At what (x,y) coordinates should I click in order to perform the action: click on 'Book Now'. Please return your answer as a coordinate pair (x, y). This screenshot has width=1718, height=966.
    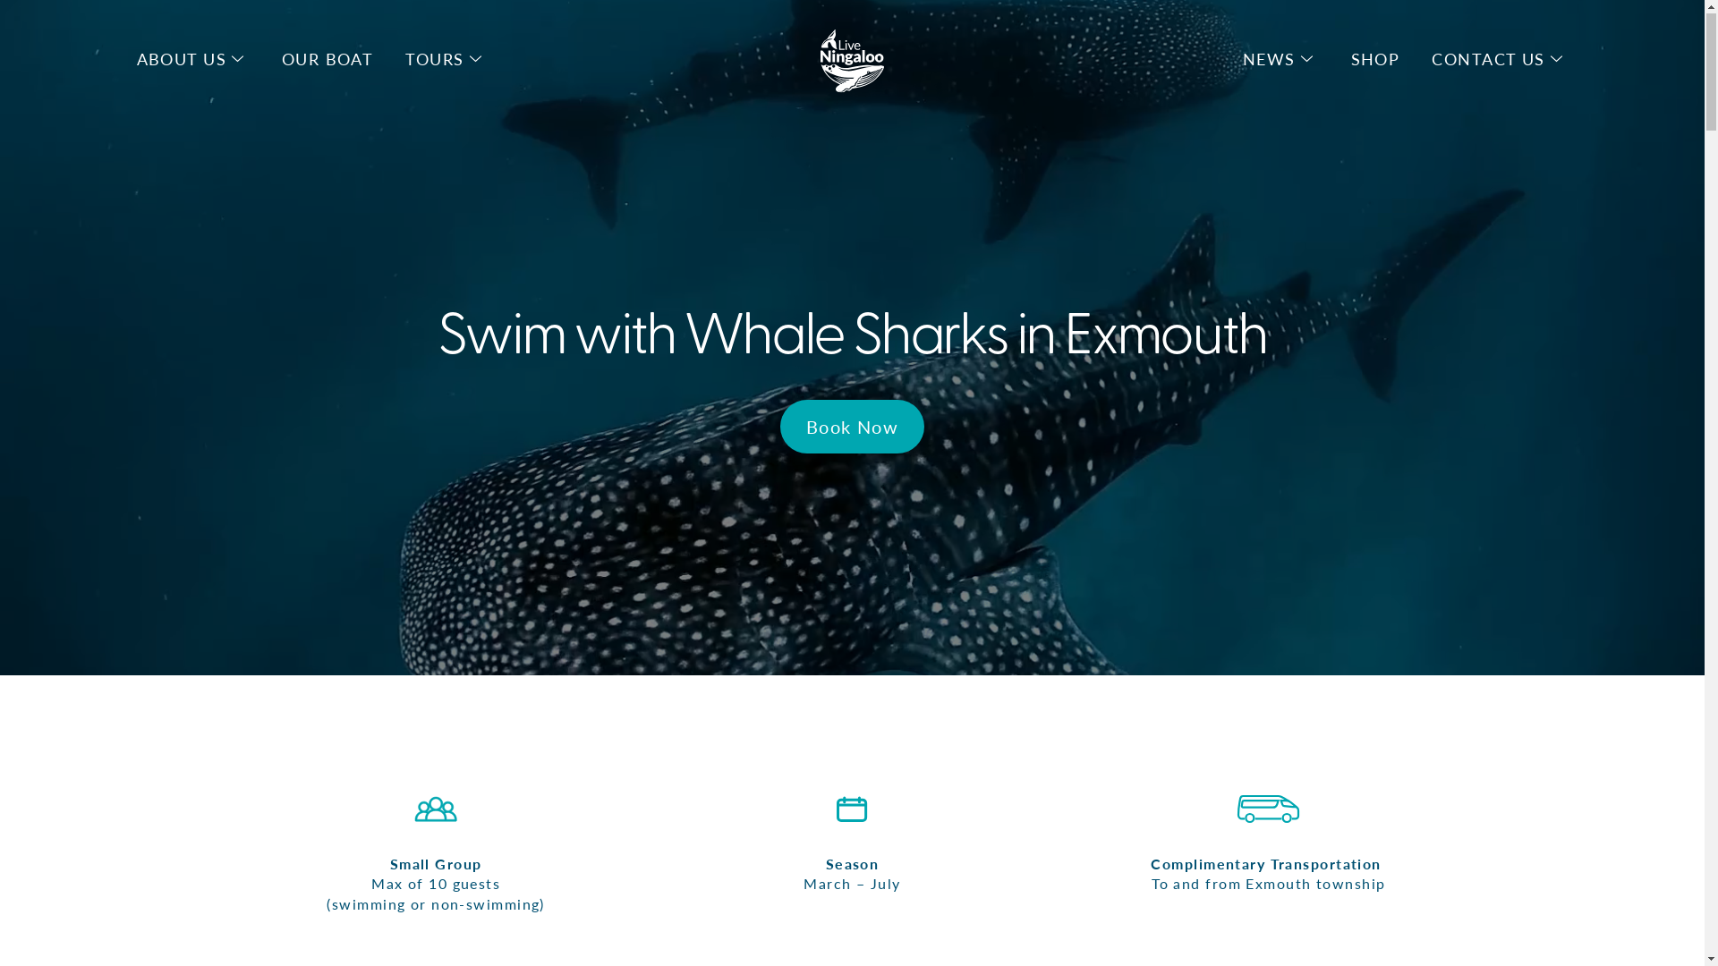
    Looking at the image, I should click on (852, 427).